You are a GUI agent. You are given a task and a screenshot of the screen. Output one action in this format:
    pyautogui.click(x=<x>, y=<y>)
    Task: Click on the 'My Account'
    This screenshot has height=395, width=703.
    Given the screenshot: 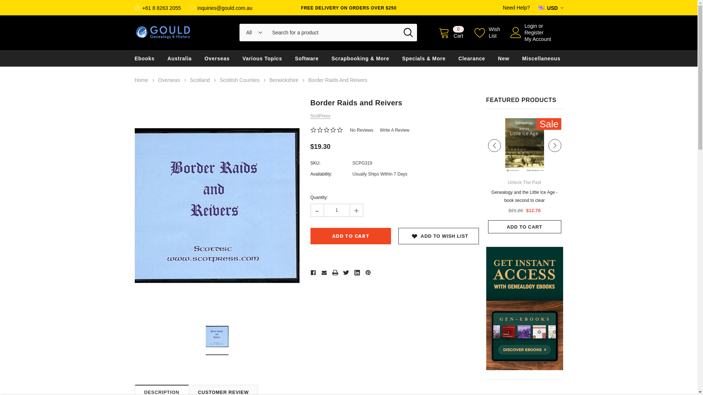 What is the action you would take?
    pyautogui.click(x=538, y=39)
    